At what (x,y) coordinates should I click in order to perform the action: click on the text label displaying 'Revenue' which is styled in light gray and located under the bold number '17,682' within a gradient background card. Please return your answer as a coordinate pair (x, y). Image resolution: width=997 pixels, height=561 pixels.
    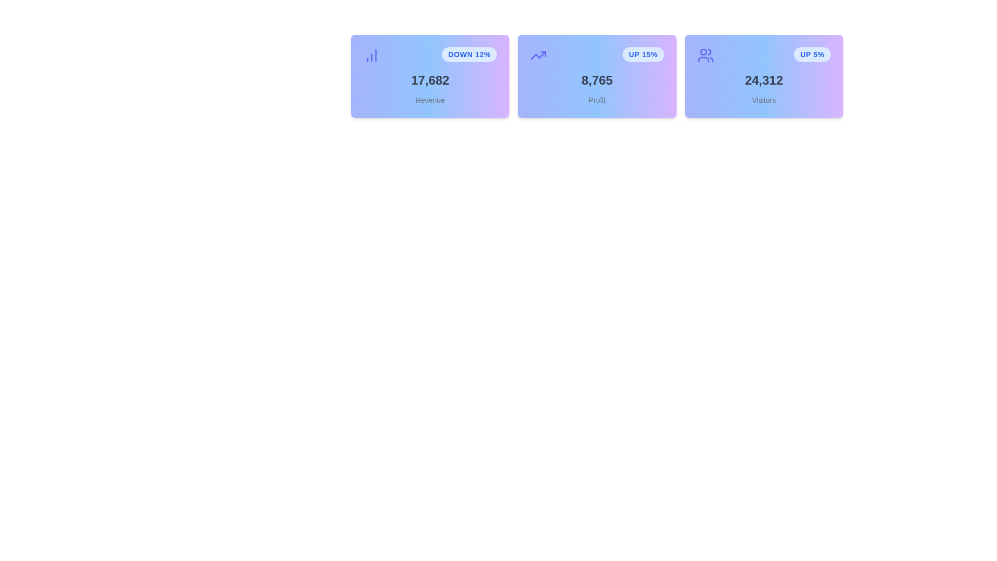
    Looking at the image, I should click on (430, 100).